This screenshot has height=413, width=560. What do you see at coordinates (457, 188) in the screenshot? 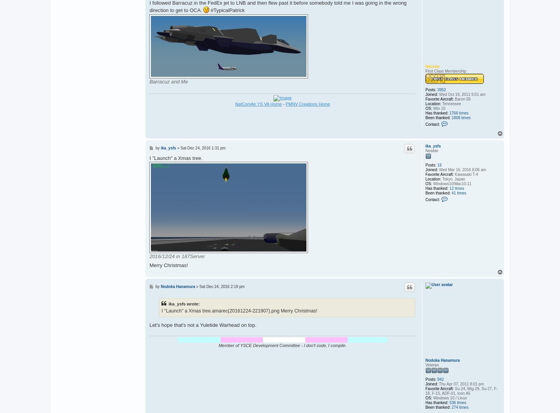
I see `'12 times'` at bounding box center [457, 188].